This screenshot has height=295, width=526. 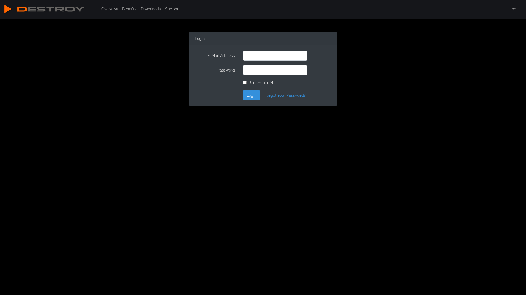 I want to click on 'Forgot Your Password?', so click(x=285, y=95).